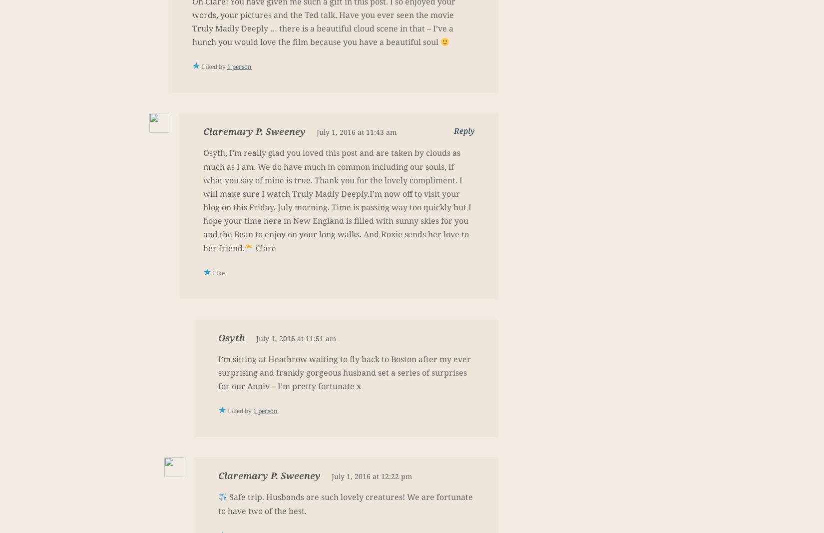 This screenshot has width=824, height=533. What do you see at coordinates (255, 338) in the screenshot?
I see `'July 1, 2016 at 11:51 am'` at bounding box center [255, 338].